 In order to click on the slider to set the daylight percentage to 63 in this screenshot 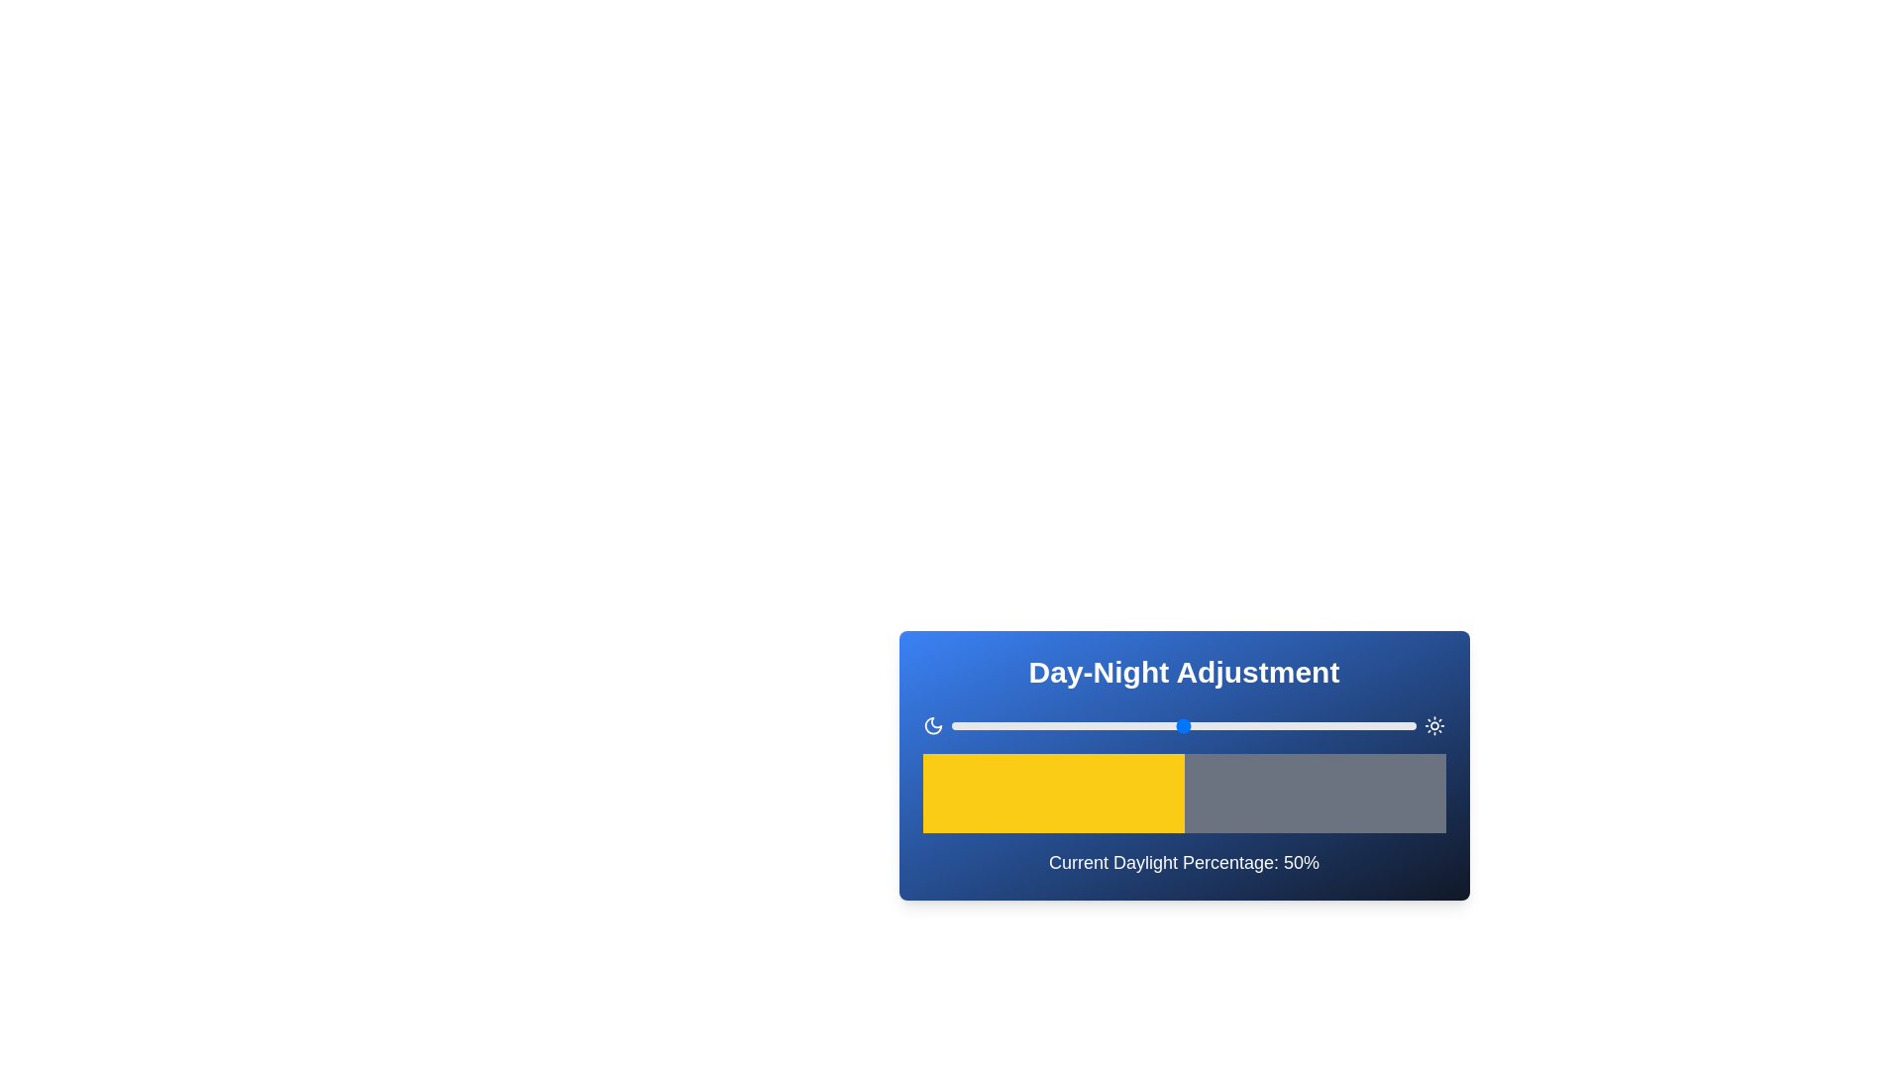, I will do `click(1243, 725)`.